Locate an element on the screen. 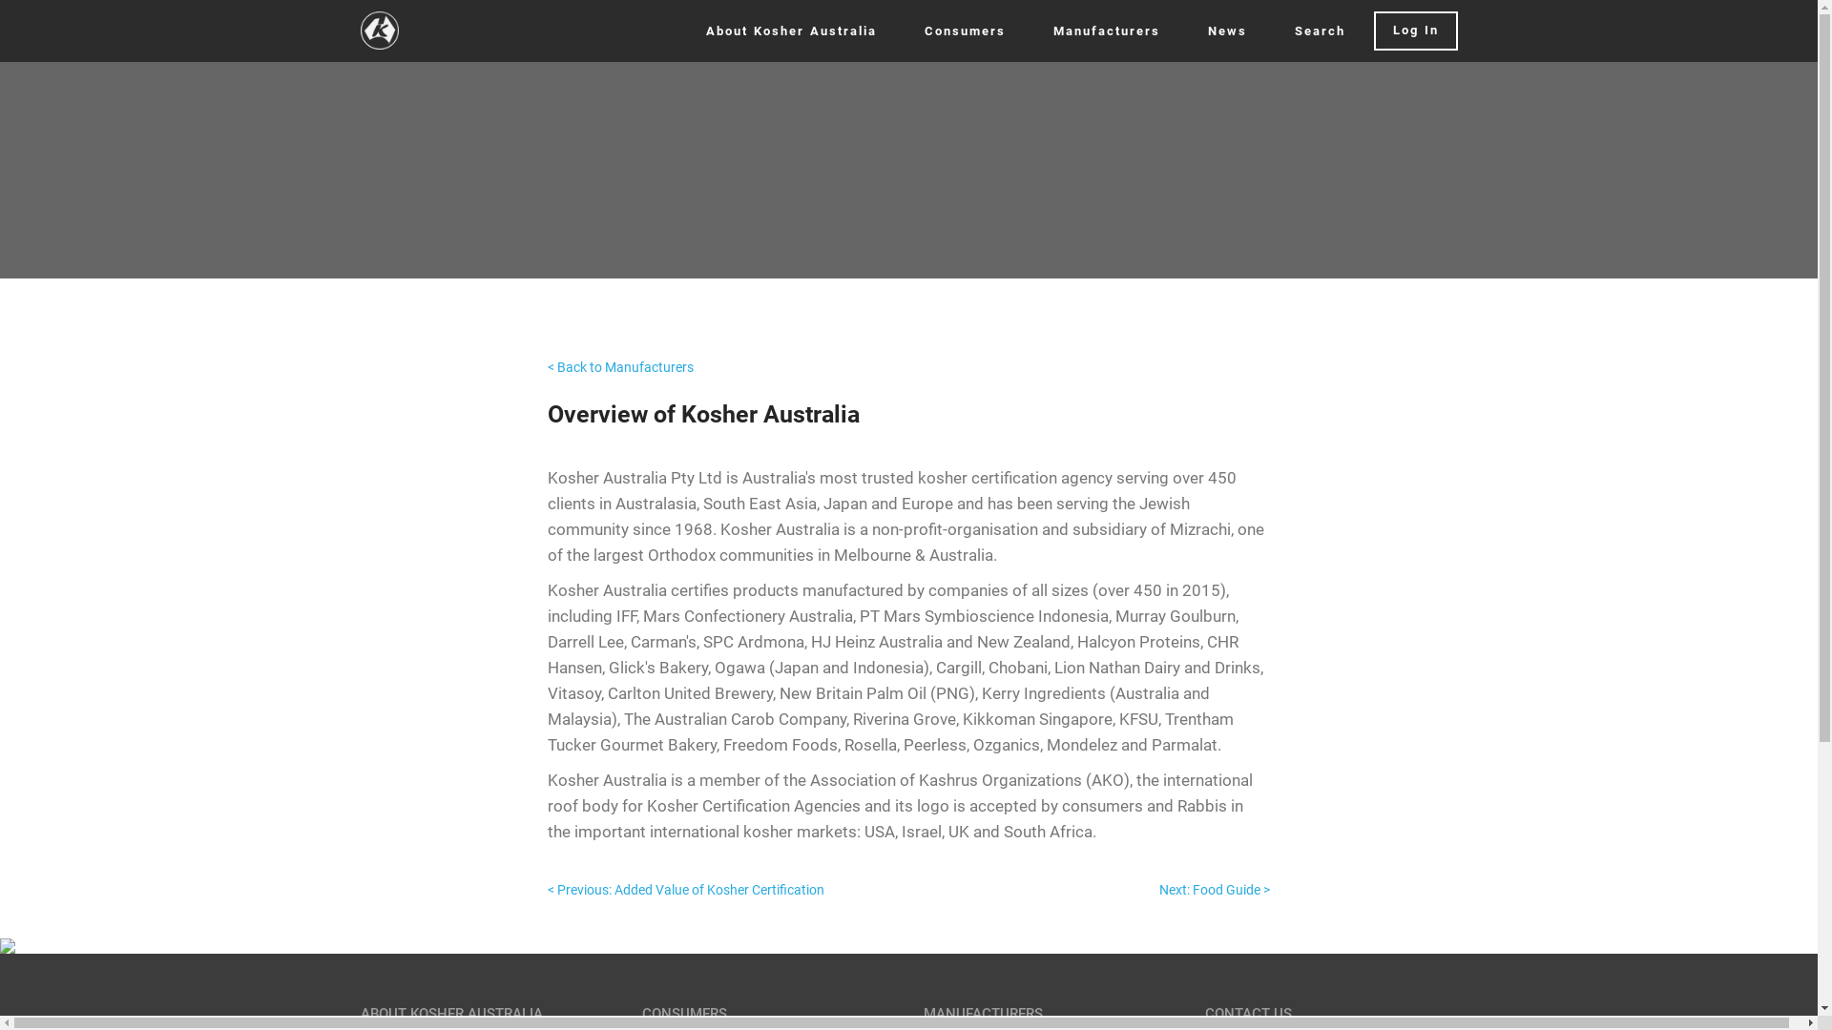 The height and width of the screenshot is (1030, 1832). 'Log In' is located at coordinates (1415, 31).